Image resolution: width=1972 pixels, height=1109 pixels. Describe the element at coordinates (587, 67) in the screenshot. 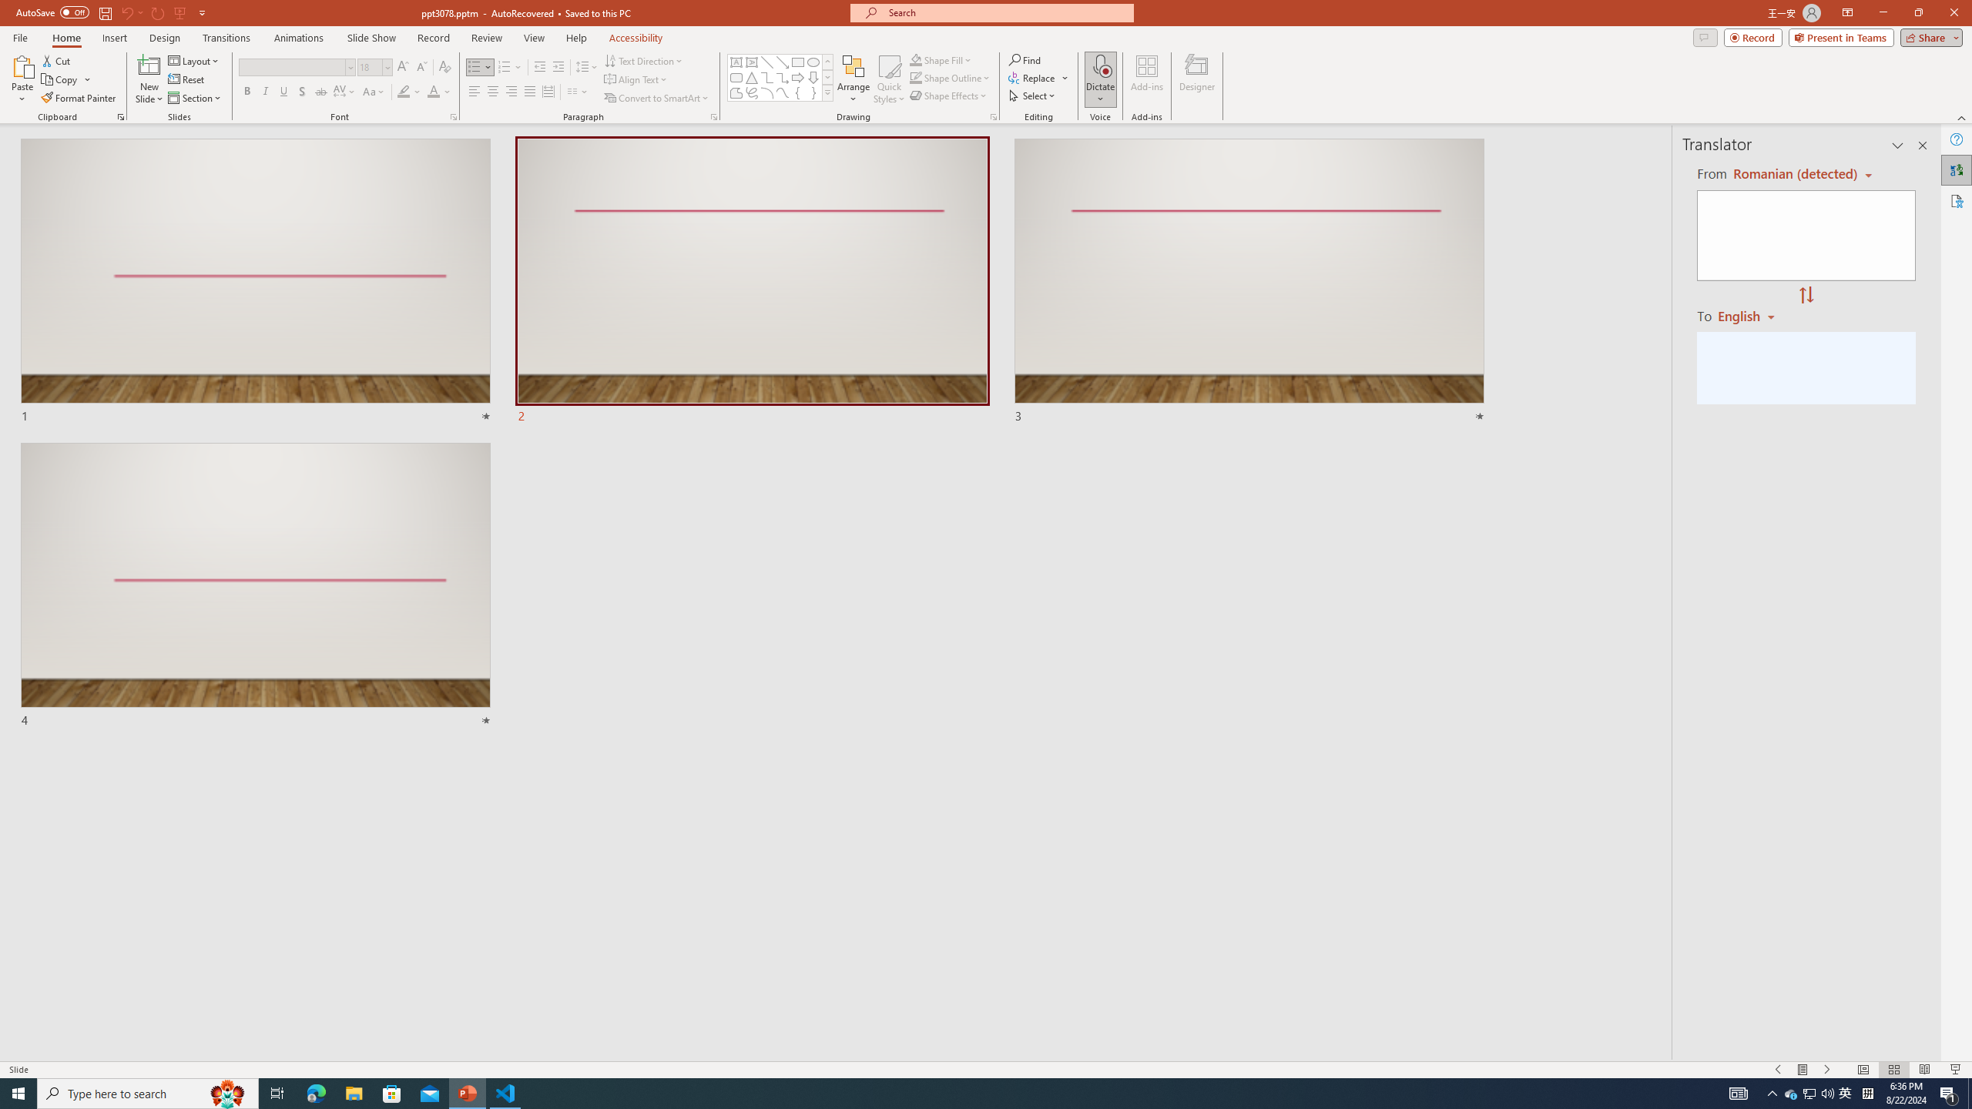

I see `'Line Spacing'` at that location.